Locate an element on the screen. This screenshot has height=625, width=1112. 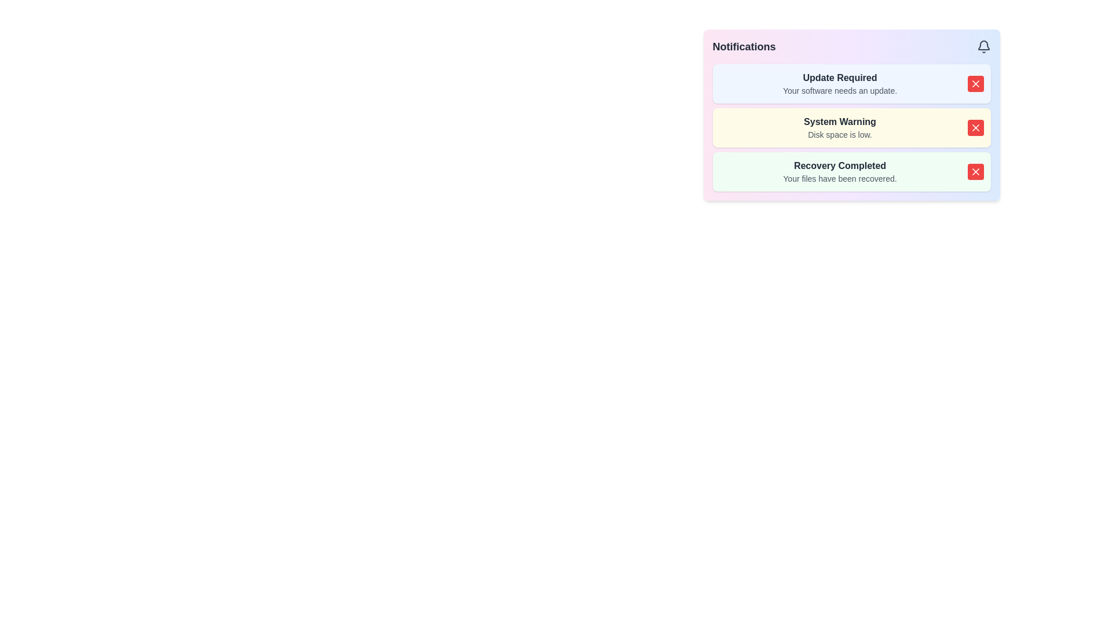
the warning notification box about low disk space to potentially reveal more options is located at coordinates (851, 127).